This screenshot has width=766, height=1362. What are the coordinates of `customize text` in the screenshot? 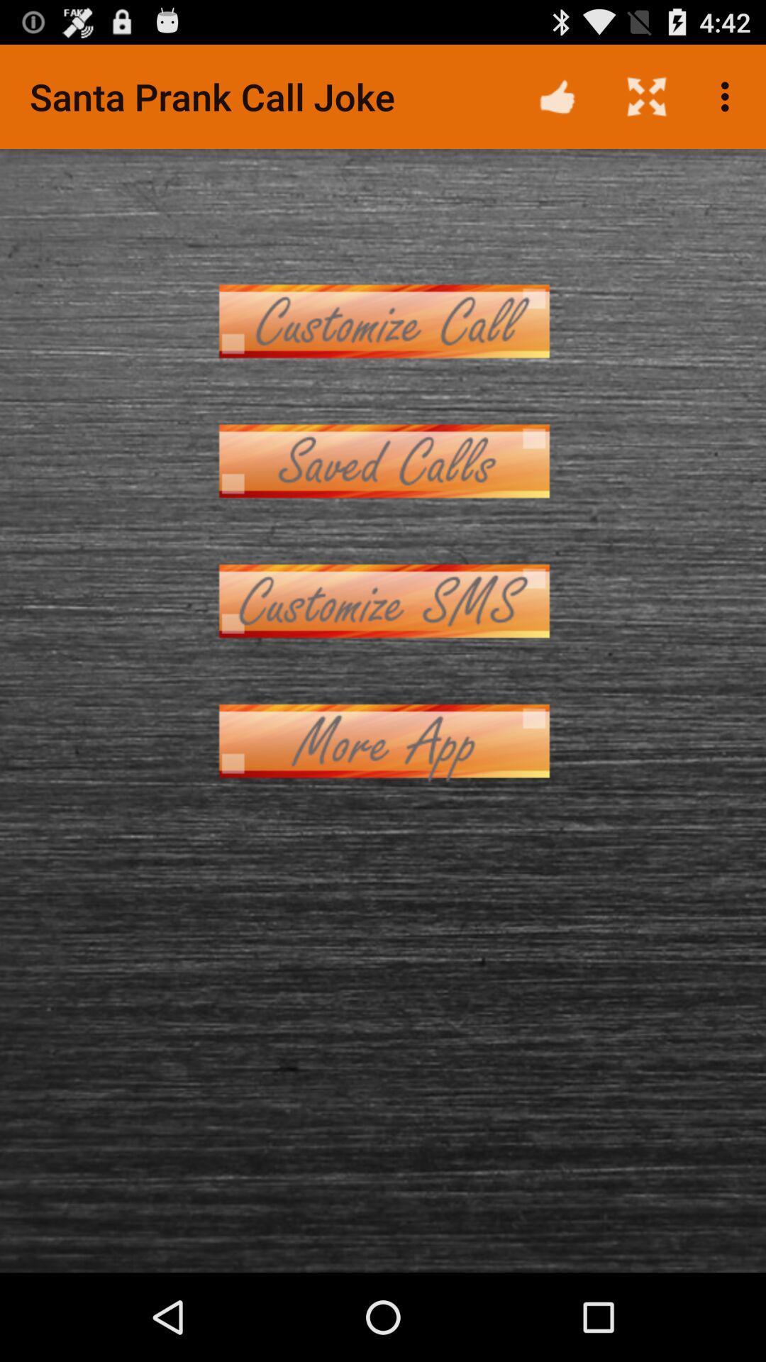 It's located at (383, 601).